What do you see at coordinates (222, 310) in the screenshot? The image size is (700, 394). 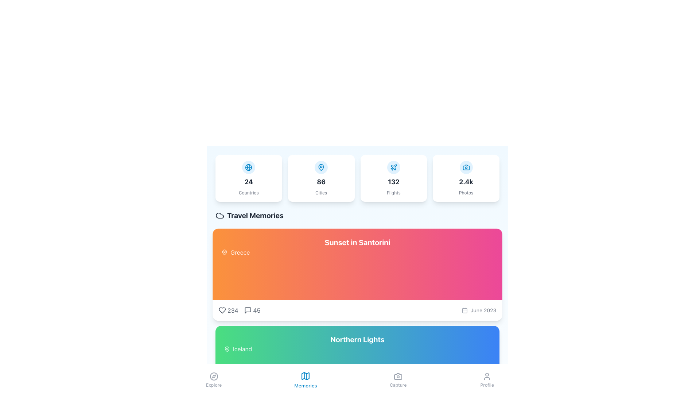 I see `the 'like' button (heart icon) located below the 'Sunset in Santorini' section to express a like for the content, positioned to the left of the number '234'` at bounding box center [222, 310].